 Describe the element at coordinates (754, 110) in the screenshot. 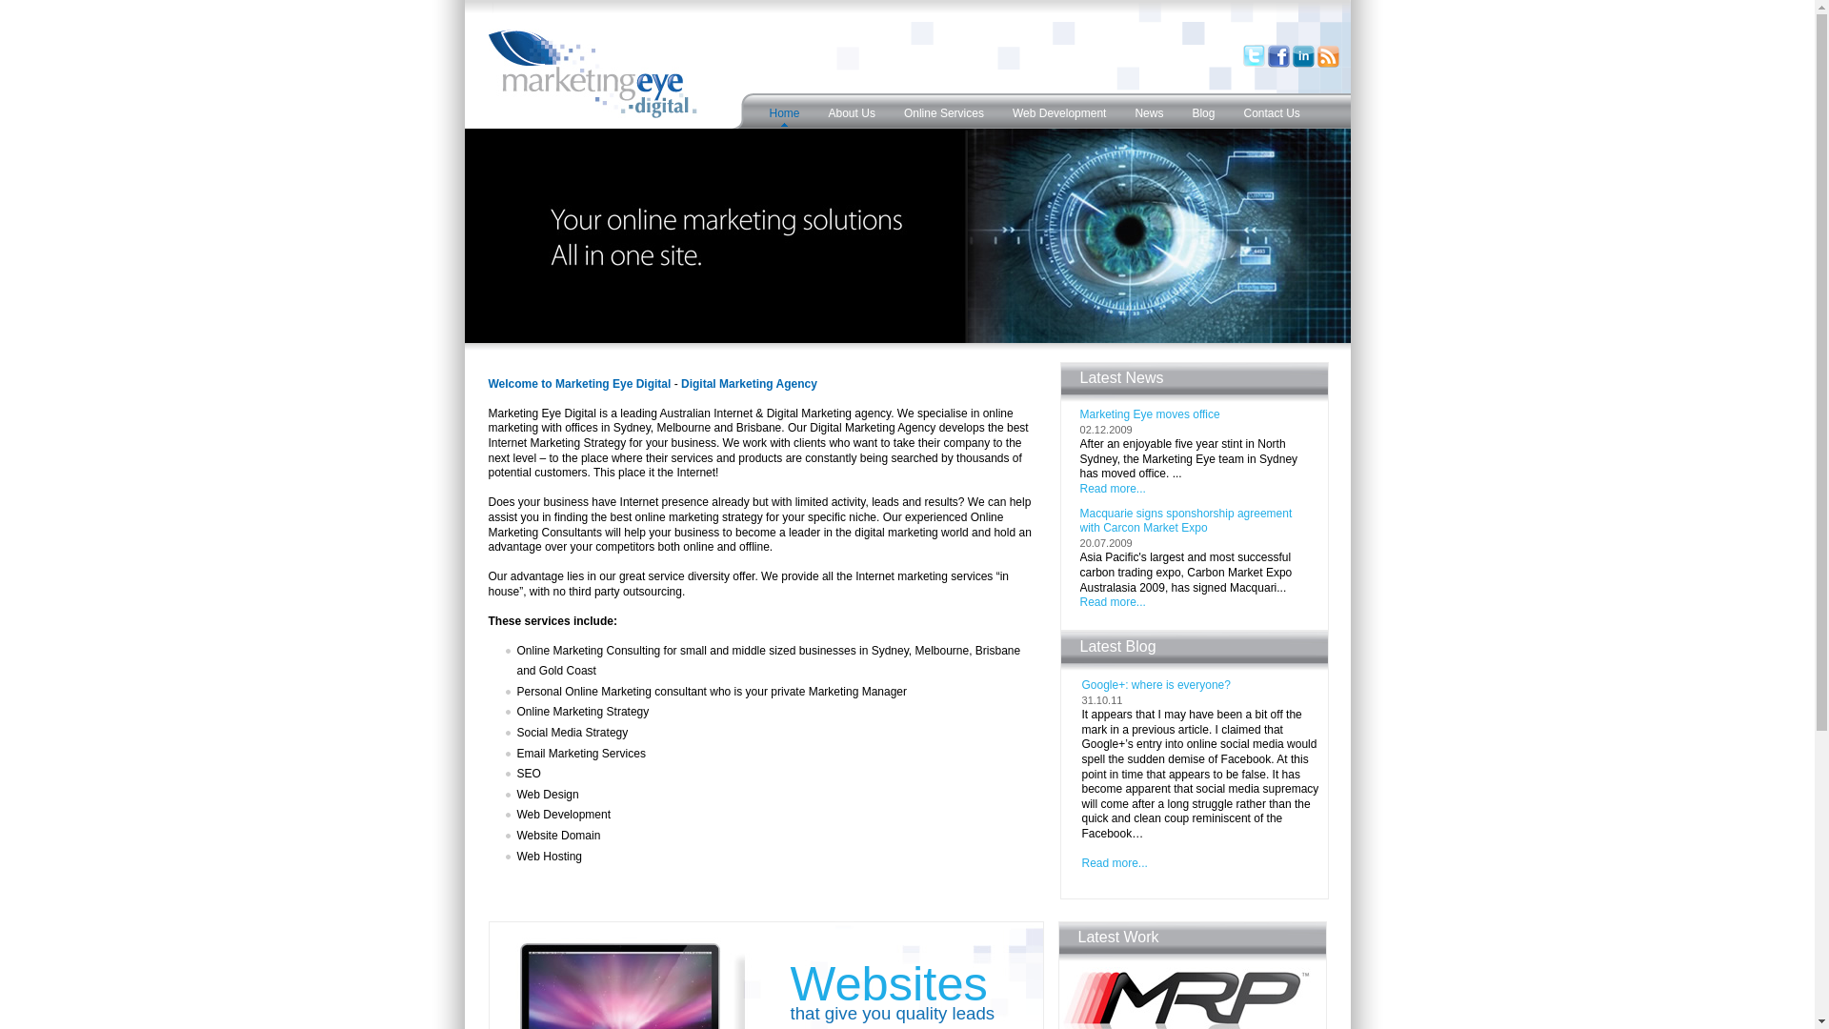

I see `'Home'` at that location.